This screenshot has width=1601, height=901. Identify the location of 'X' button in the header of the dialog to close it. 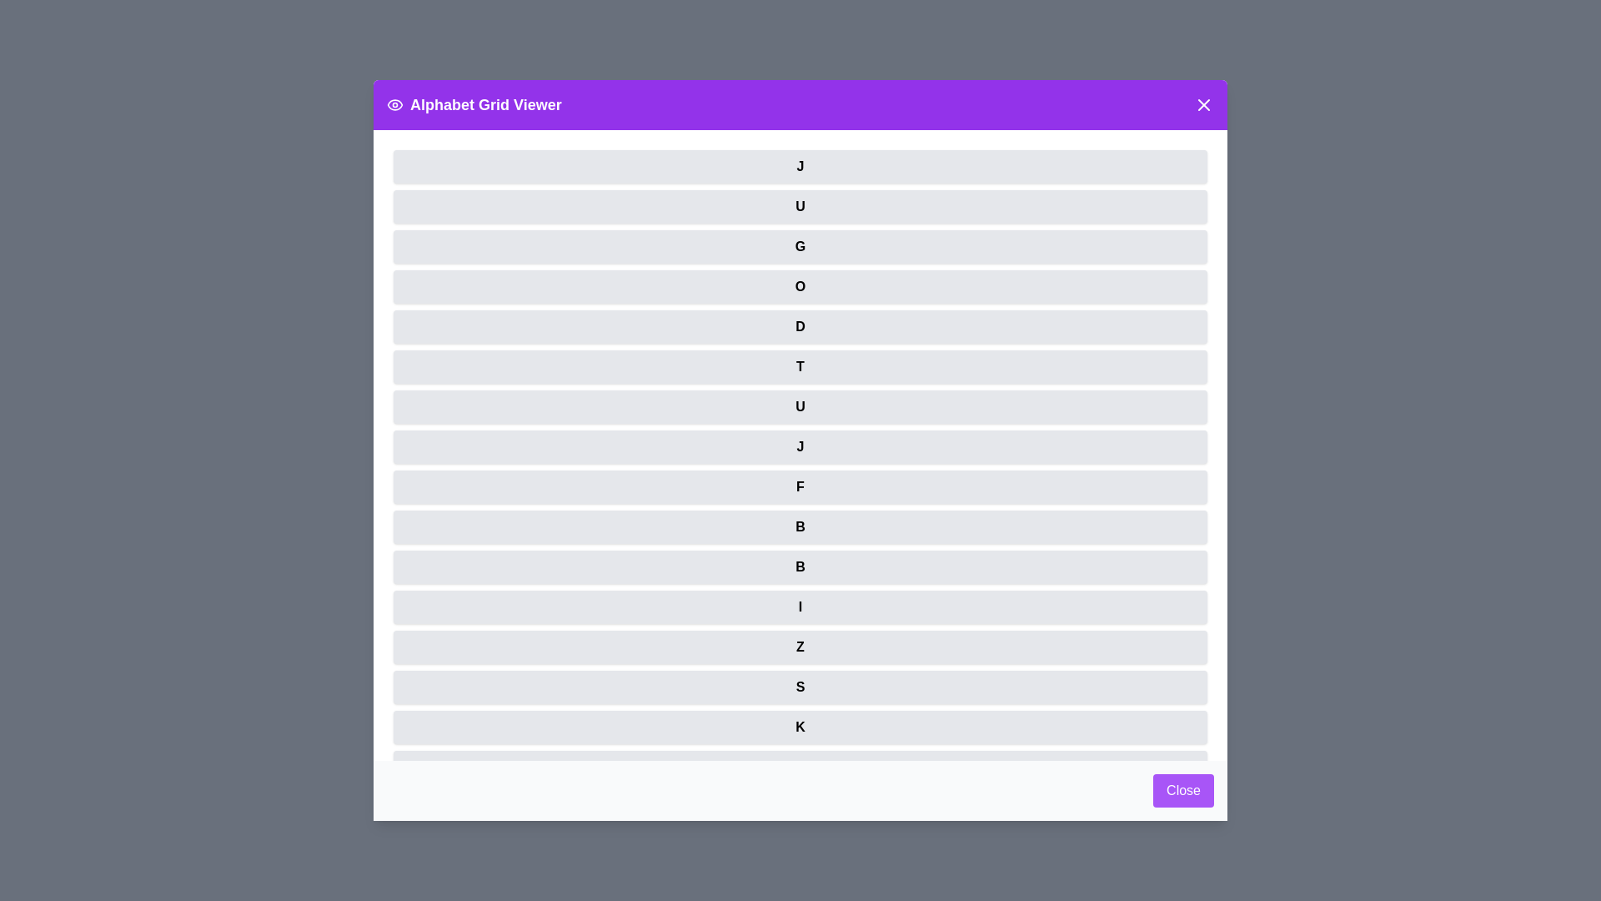
(1204, 105).